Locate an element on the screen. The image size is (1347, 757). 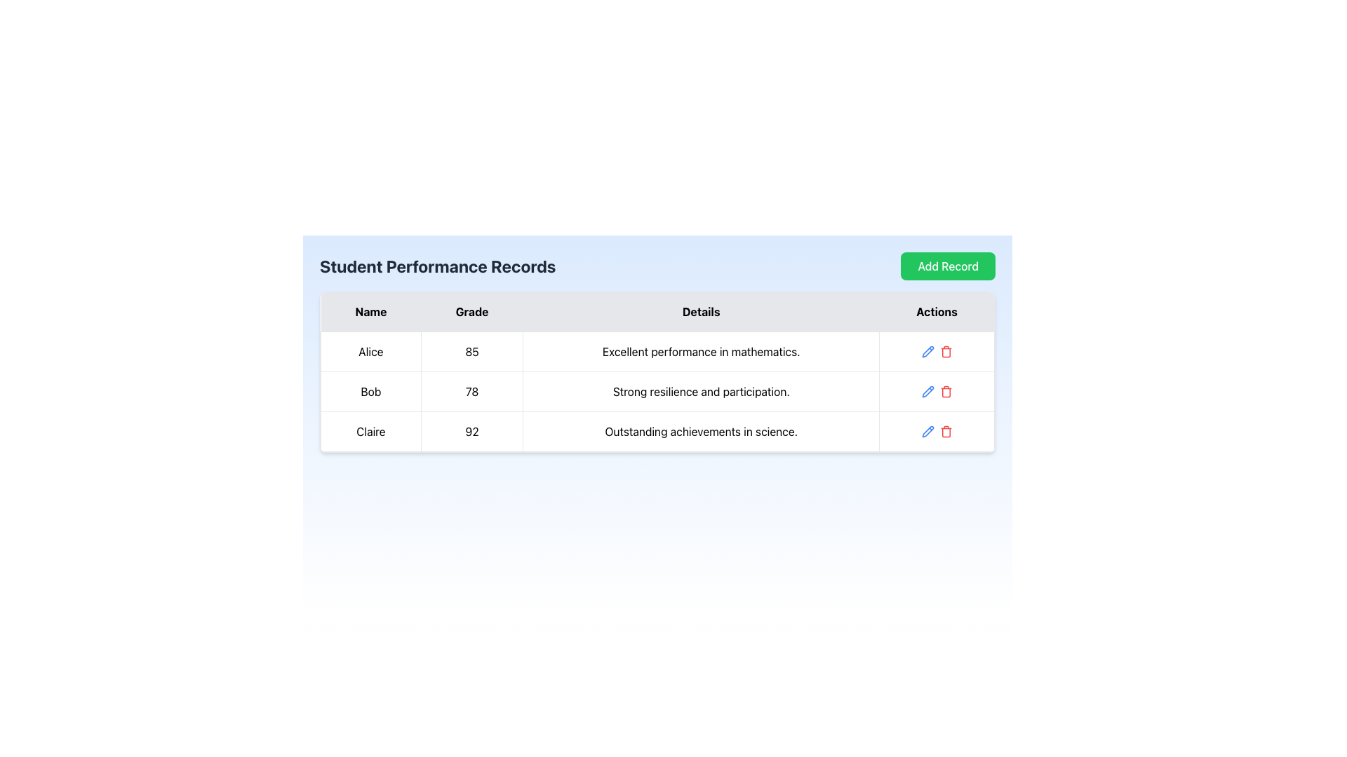
the text label displaying the grade '85' for Alice, located in the second column of the first row of the tabular structure under the 'Grade' column header is located at coordinates (472, 350).